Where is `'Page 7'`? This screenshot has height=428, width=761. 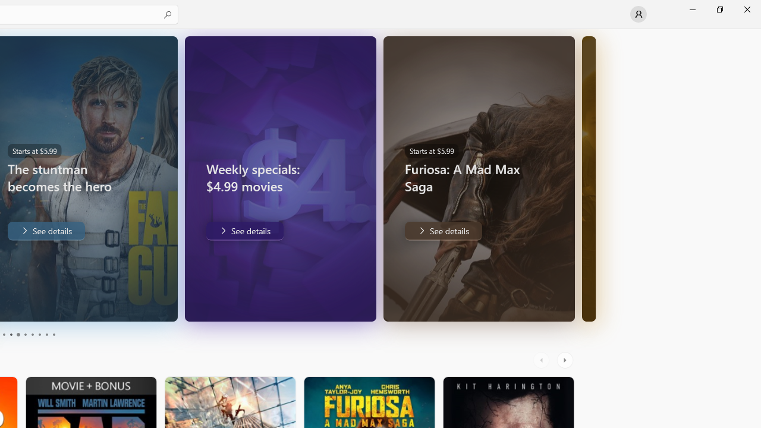 'Page 7' is located at coordinates (32, 335).